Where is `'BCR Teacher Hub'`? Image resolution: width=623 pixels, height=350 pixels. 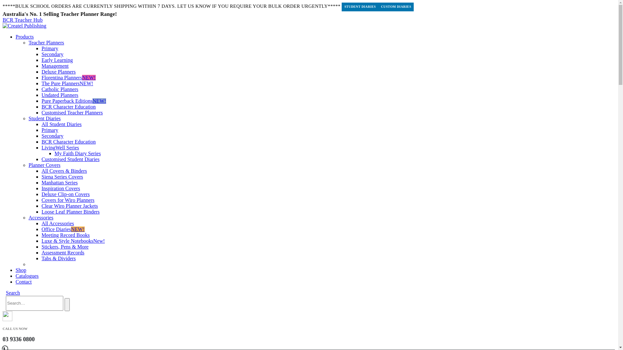 'BCR Teacher Hub' is located at coordinates (3, 19).